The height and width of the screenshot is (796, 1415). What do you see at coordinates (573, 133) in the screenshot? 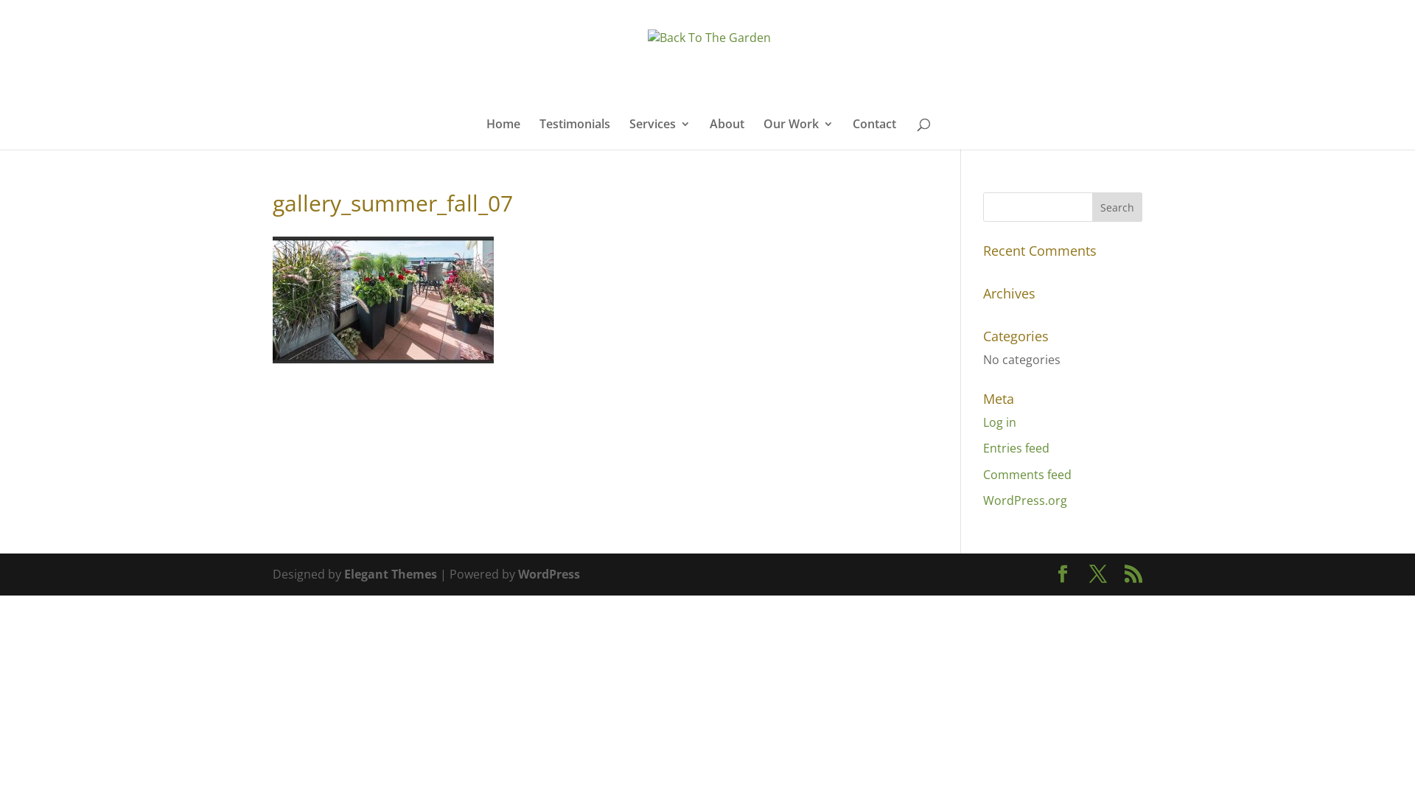
I see `'Testimonials'` at bounding box center [573, 133].